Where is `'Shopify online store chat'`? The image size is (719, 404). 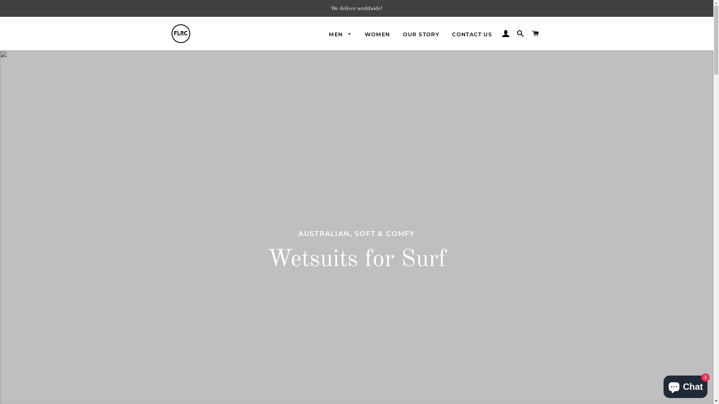
'Shopify online store chat' is located at coordinates (685, 385).